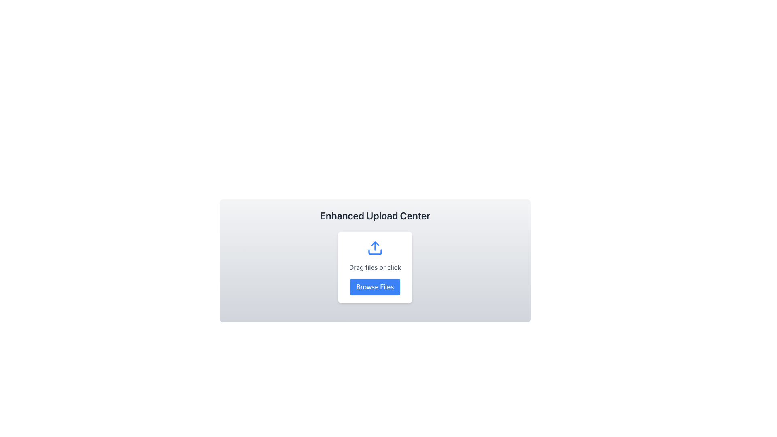  What do you see at coordinates (374, 267) in the screenshot?
I see `static text element that provides instructions about the file upload process, located centrally within a white, rounded rectangular card, positioned below the upload icon and above the 'Browse Files' button` at bounding box center [374, 267].